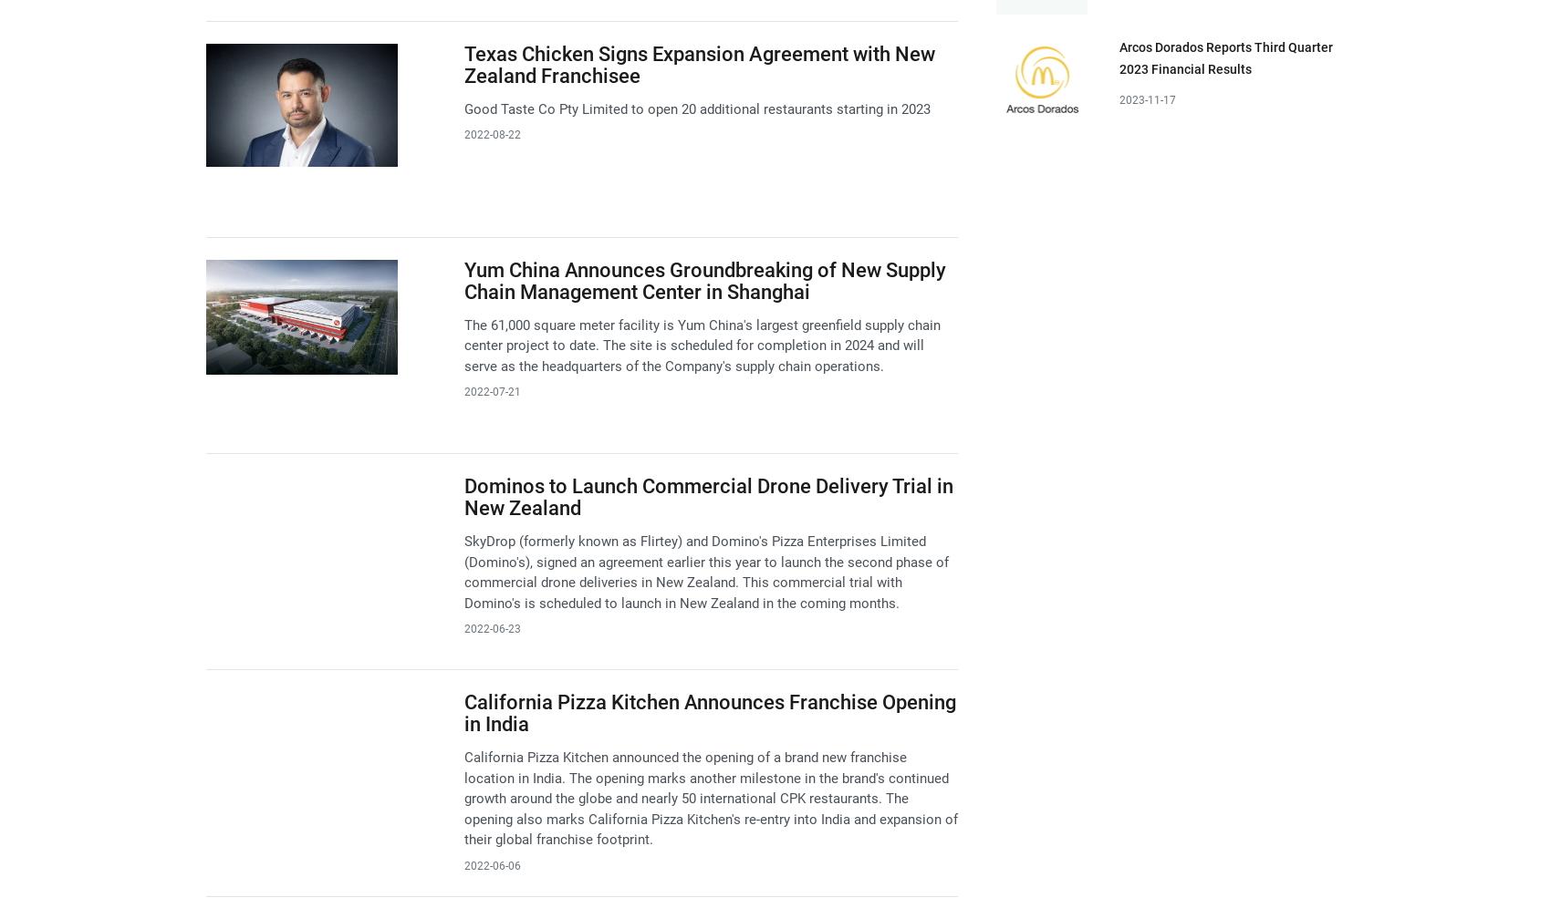 The height and width of the screenshot is (898, 1551). I want to click on '2022-08-22', so click(463, 135).